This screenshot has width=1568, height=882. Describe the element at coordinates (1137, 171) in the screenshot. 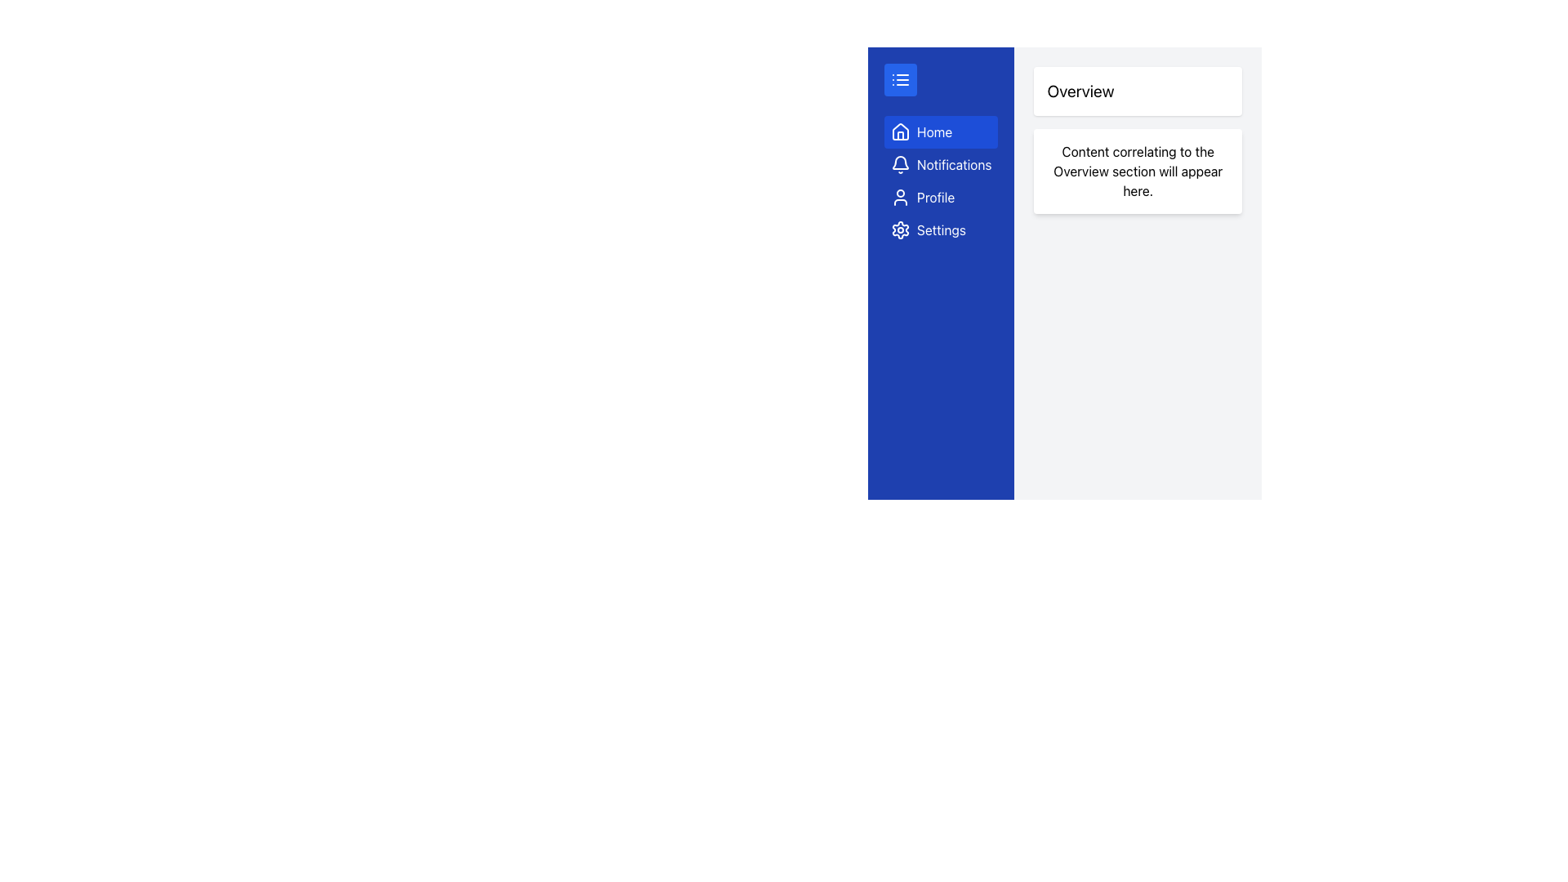

I see `the informational text block located in the right-hand column under the 'Overview' heading, which is part of a card component with a white background and rounded corners` at that location.